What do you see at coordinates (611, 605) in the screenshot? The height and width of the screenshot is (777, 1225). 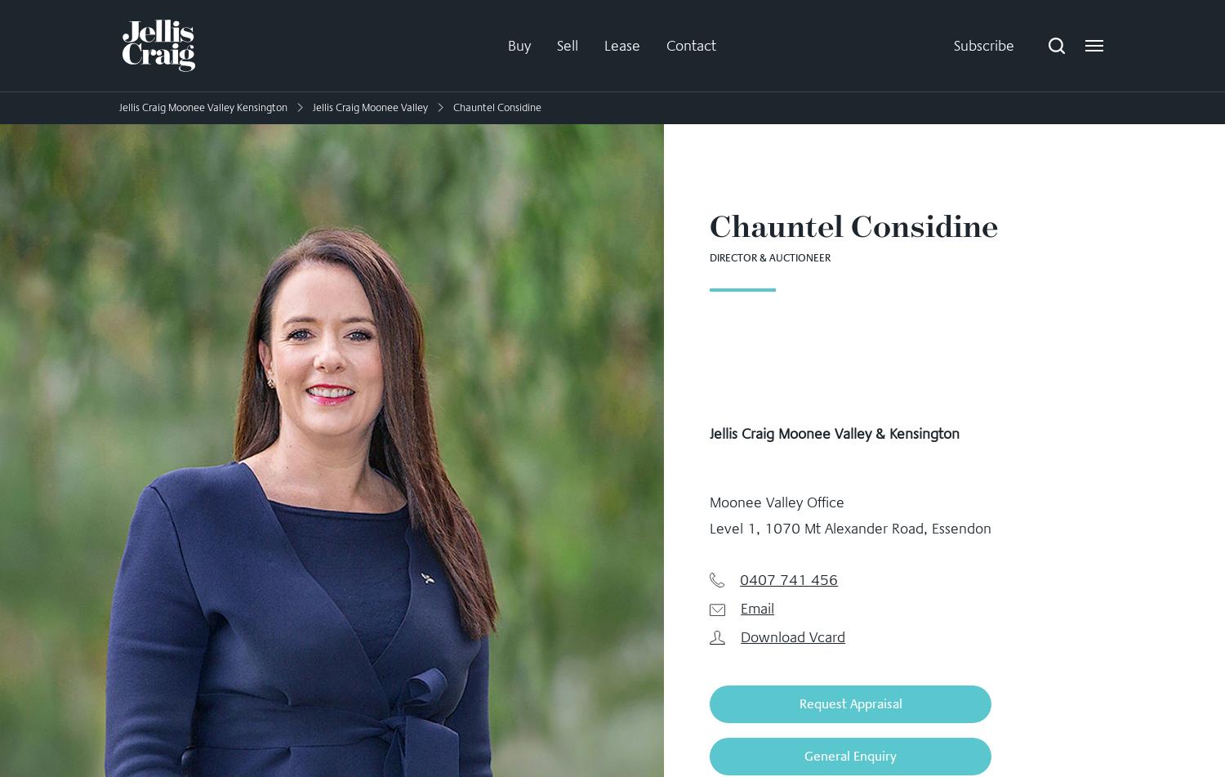 I see `'Submit'` at bounding box center [611, 605].